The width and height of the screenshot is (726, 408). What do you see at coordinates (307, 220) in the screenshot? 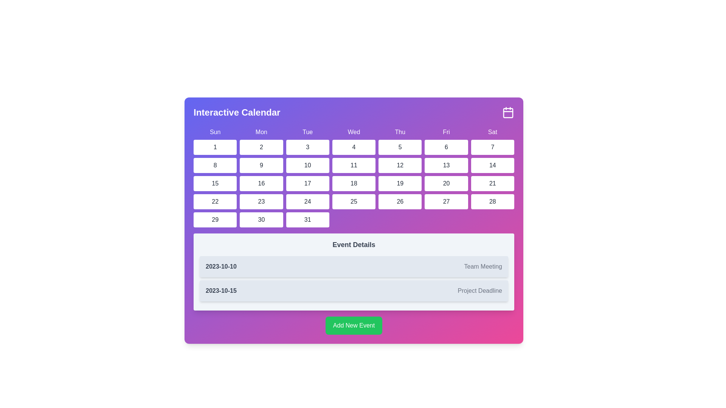
I see `on the button representing the 31st day of the month in the calendar view, located in the bottom-right corner of the calendar grid beneath the 'Tue' column header` at bounding box center [307, 220].